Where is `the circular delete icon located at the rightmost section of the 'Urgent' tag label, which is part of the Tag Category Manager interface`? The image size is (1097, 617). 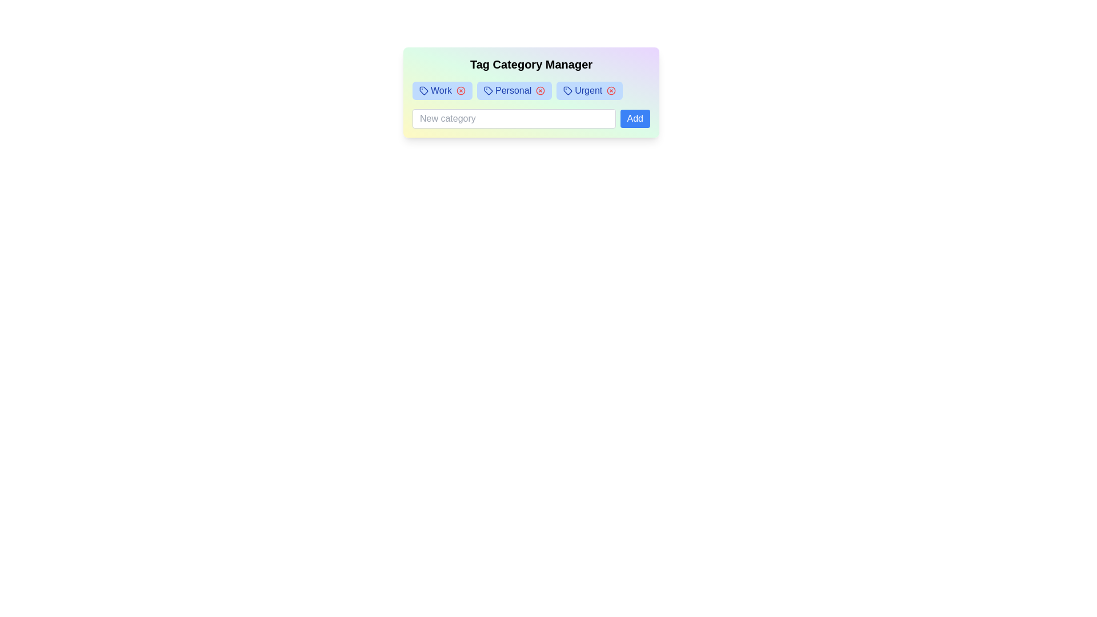
the circular delete icon located at the rightmost section of the 'Urgent' tag label, which is part of the Tag Category Manager interface is located at coordinates (611, 90).